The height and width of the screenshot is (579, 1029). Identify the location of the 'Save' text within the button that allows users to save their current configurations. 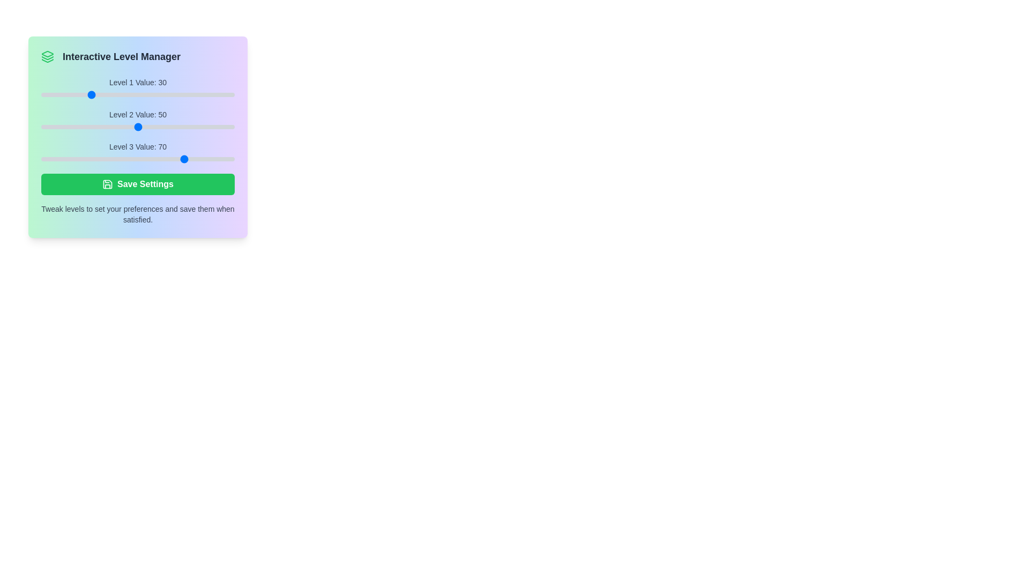
(145, 183).